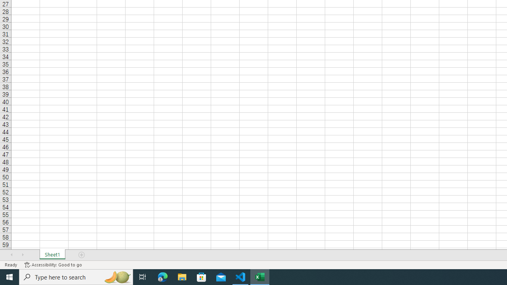  Describe the element at coordinates (82, 255) in the screenshot. I see `'Add Sheet'` at that location.